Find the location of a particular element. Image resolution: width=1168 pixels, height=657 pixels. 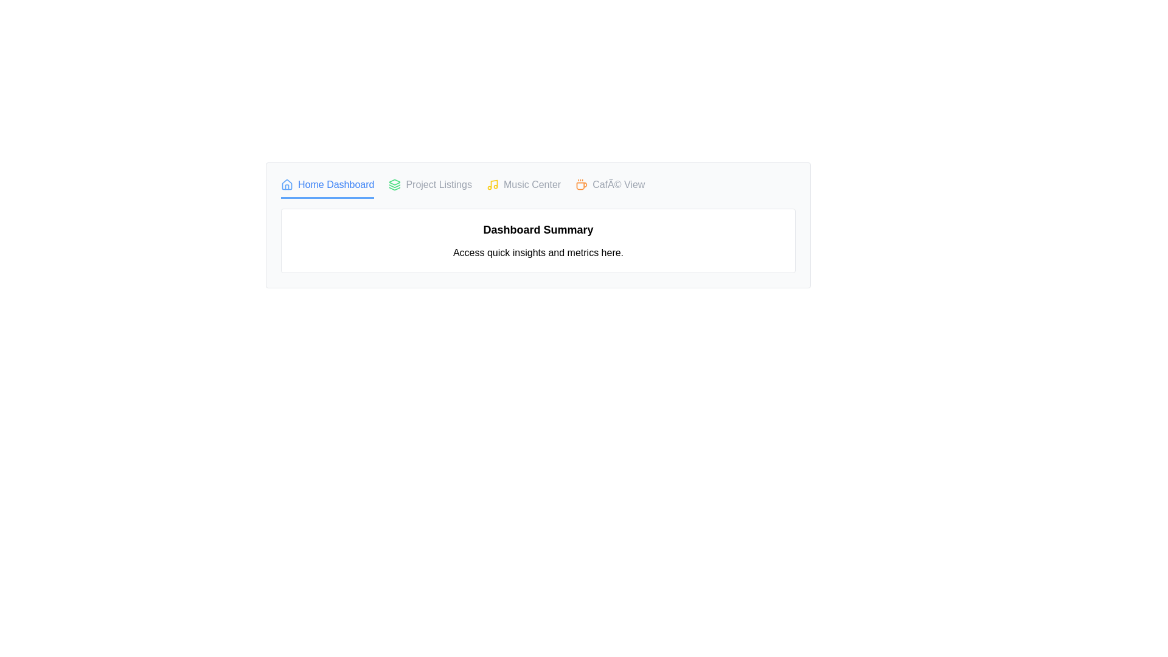

the 'Café View' button located as the fourth option in the navigation bar is located at coordinates (610, 187).